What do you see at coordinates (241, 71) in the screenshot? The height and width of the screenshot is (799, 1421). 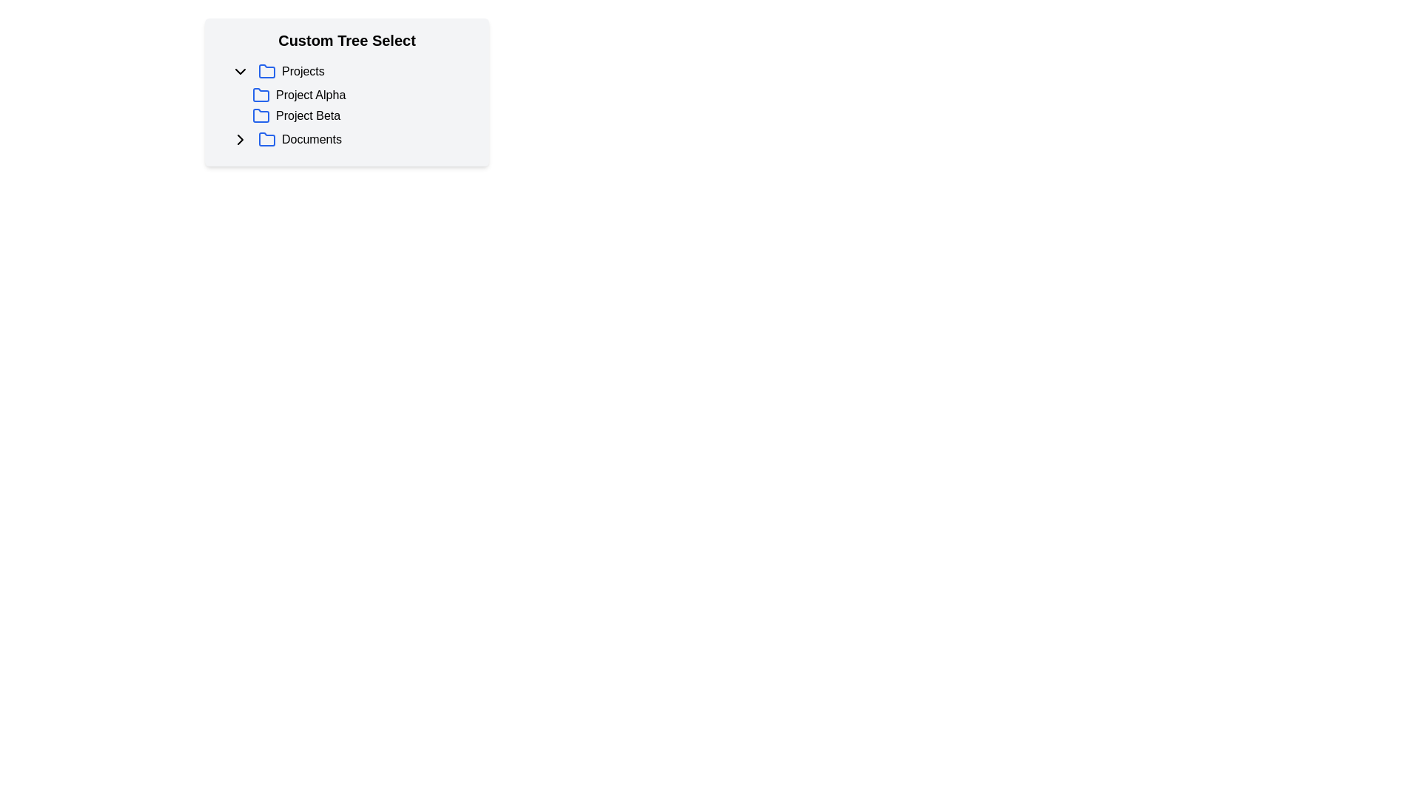 I see `the Dropdown toggle button with a downward-facing chevron symbol, located to the left of the 'Projects' label` at bounding box center [241, 71].